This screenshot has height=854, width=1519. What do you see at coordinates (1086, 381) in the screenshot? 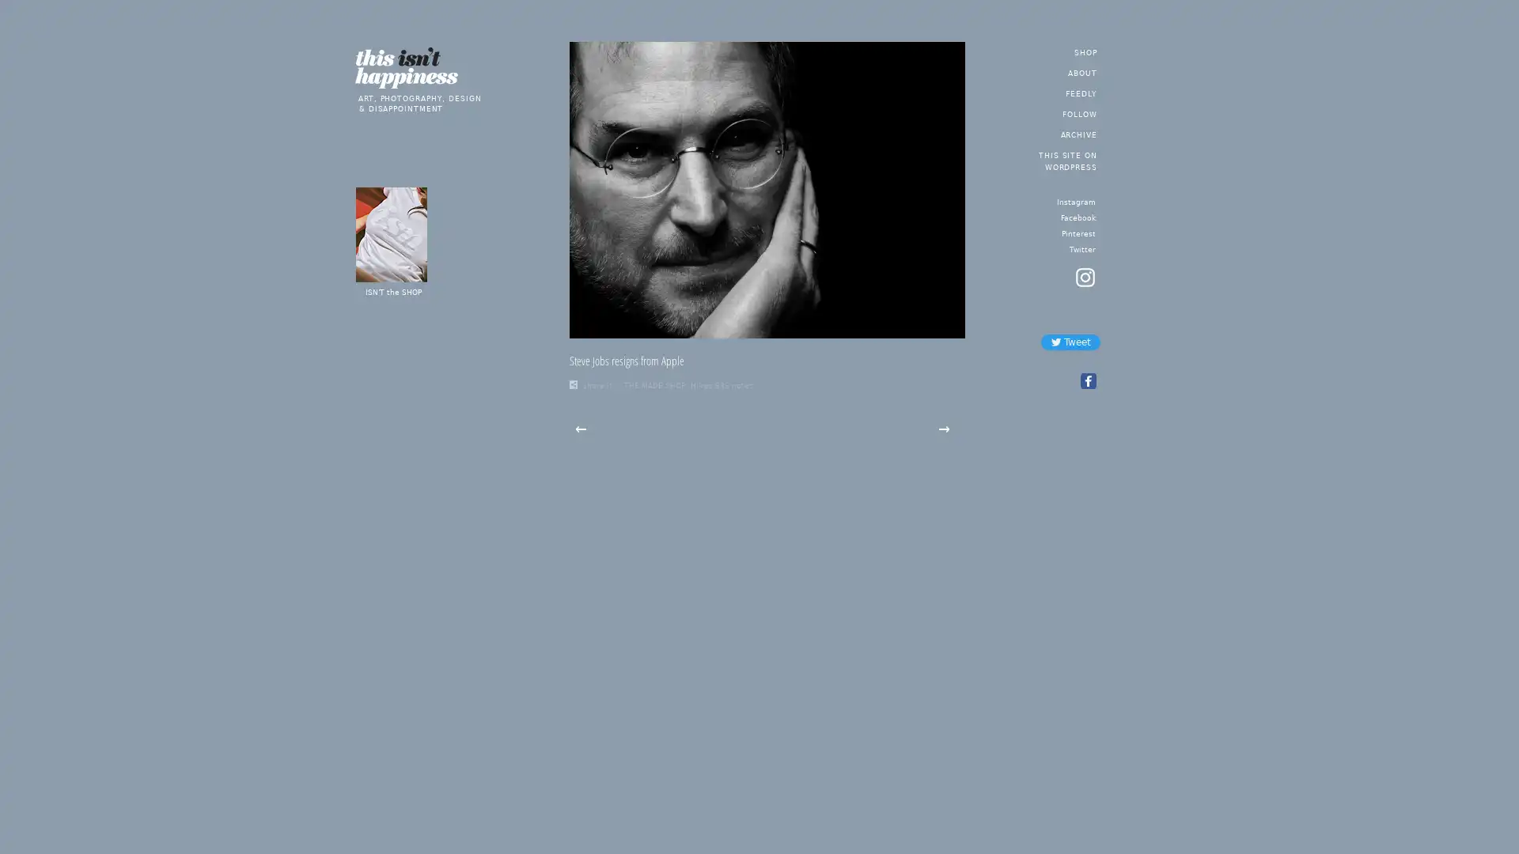
I see `Share to Facebook` at bounding box center [1086, 381].